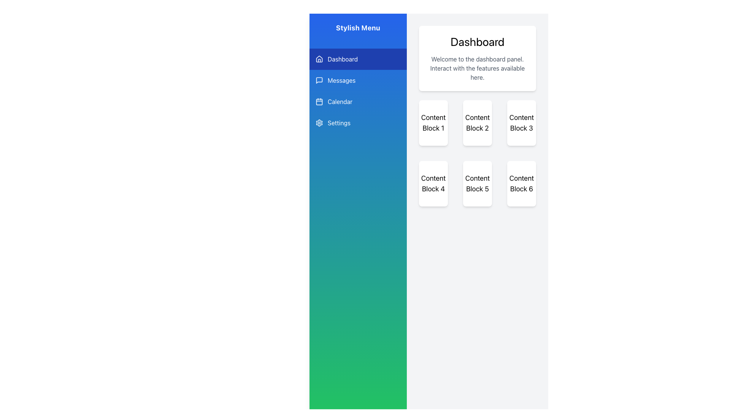 This screenshot has width=730, height=410. Describe the element at coordinates (521, 183) in the screenshot. I see `the third content block in the second row of the grid layout, located in the middle-right region of the interface` at that location.